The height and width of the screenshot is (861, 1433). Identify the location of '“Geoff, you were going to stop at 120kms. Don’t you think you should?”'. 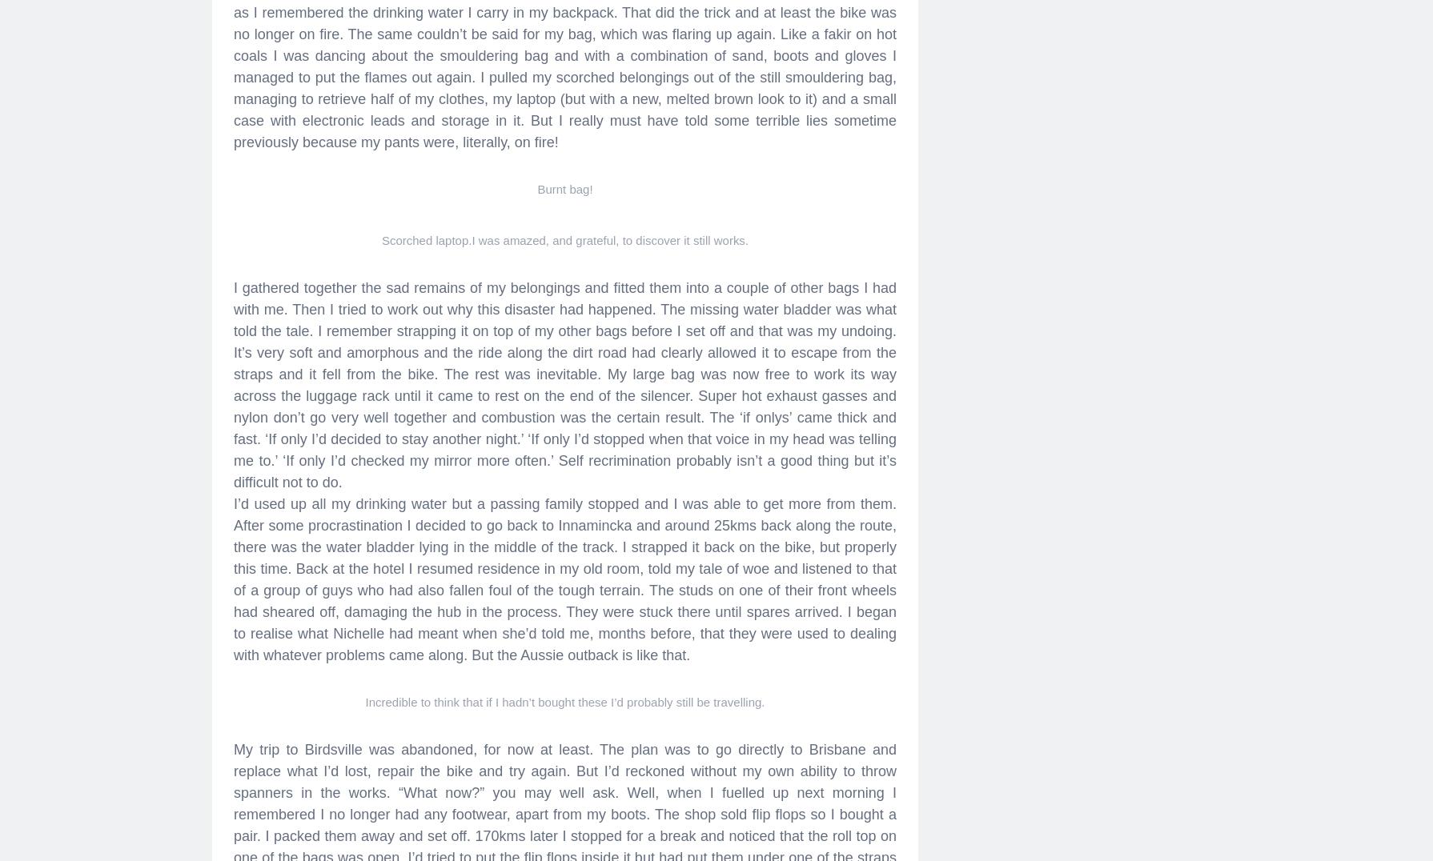
(459, 84).